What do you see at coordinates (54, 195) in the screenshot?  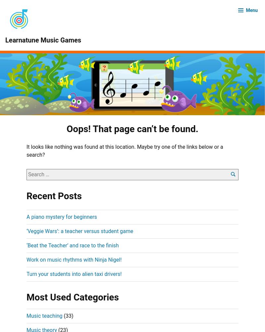 I see `'Recent Posts'` at bounding box center [54, 195].